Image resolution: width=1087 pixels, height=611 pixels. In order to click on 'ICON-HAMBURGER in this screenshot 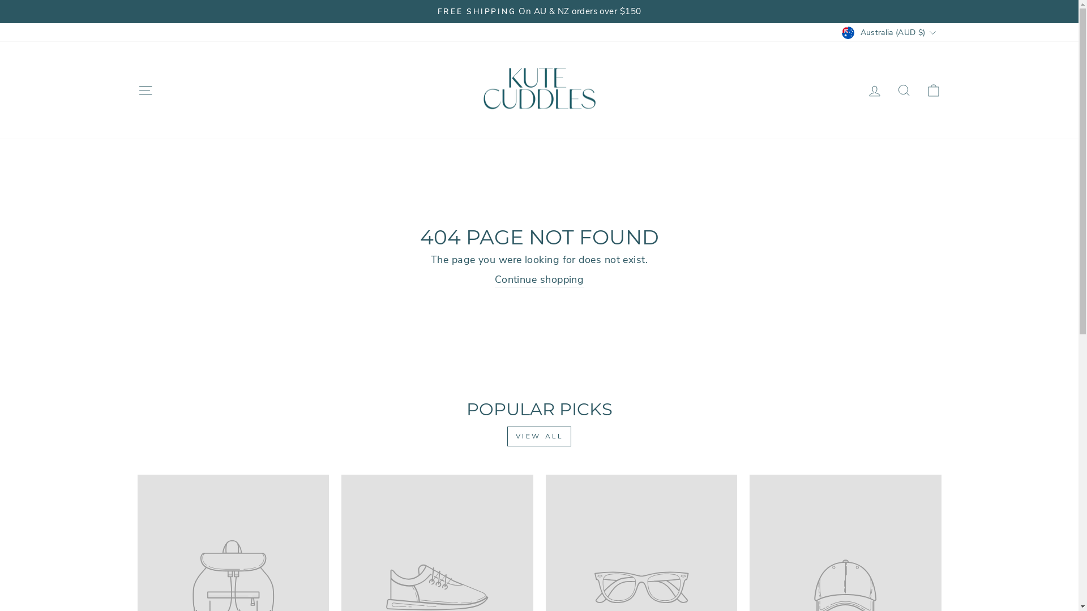, I will do `click(130, 89)`.